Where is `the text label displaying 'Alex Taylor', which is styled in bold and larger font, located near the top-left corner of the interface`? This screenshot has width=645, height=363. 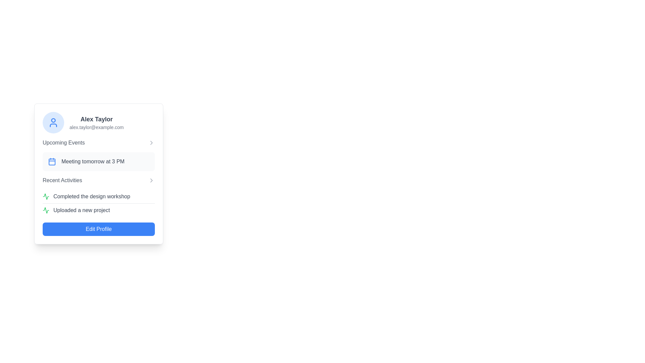
the text label displaying 'Alex Taylor', which is styled in bold and larger font, located near the top-left corner of the interface is located at coordinates (96, 119).